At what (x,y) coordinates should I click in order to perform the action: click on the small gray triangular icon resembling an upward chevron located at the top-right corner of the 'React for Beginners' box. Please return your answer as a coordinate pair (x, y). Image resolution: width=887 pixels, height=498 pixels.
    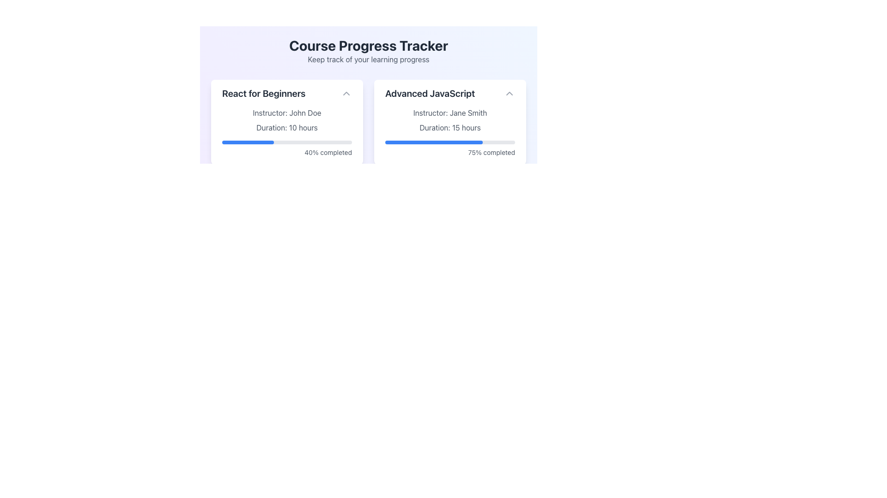
    Looking at the image, I should click on (346, 94).